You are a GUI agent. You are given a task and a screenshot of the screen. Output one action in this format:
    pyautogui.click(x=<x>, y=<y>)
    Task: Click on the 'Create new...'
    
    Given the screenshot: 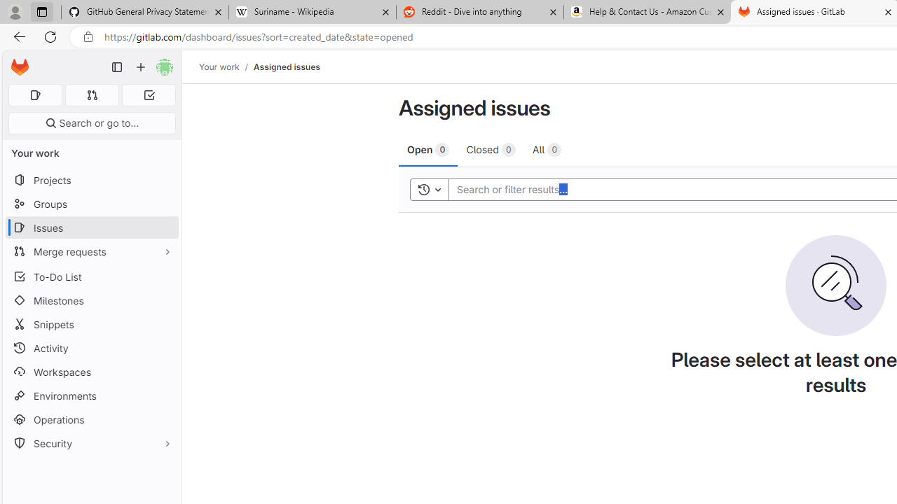 What is the action you would take?
    pyautogui.click(x=141, y=67)
    